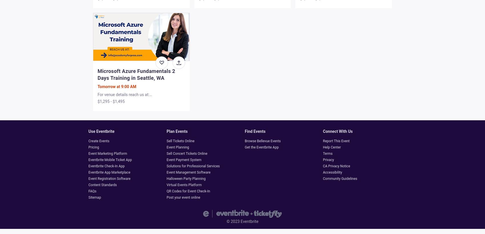 The image size is (485, 234). Describe the element at coordinates (93, 147) in the screenshot. I see `'Pricing'` at that location.